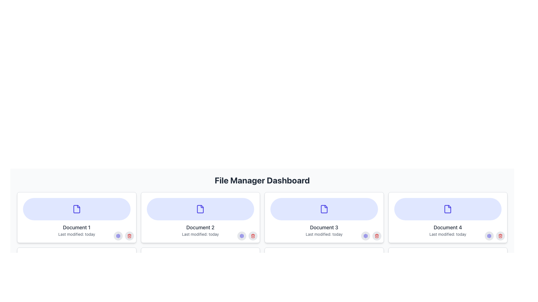 This screenshot has width=538, height=302. I want to click on the circular gray button with a red trash can icon located at the bottom-right corner of the 'Document 3' card, so click(377, 236).